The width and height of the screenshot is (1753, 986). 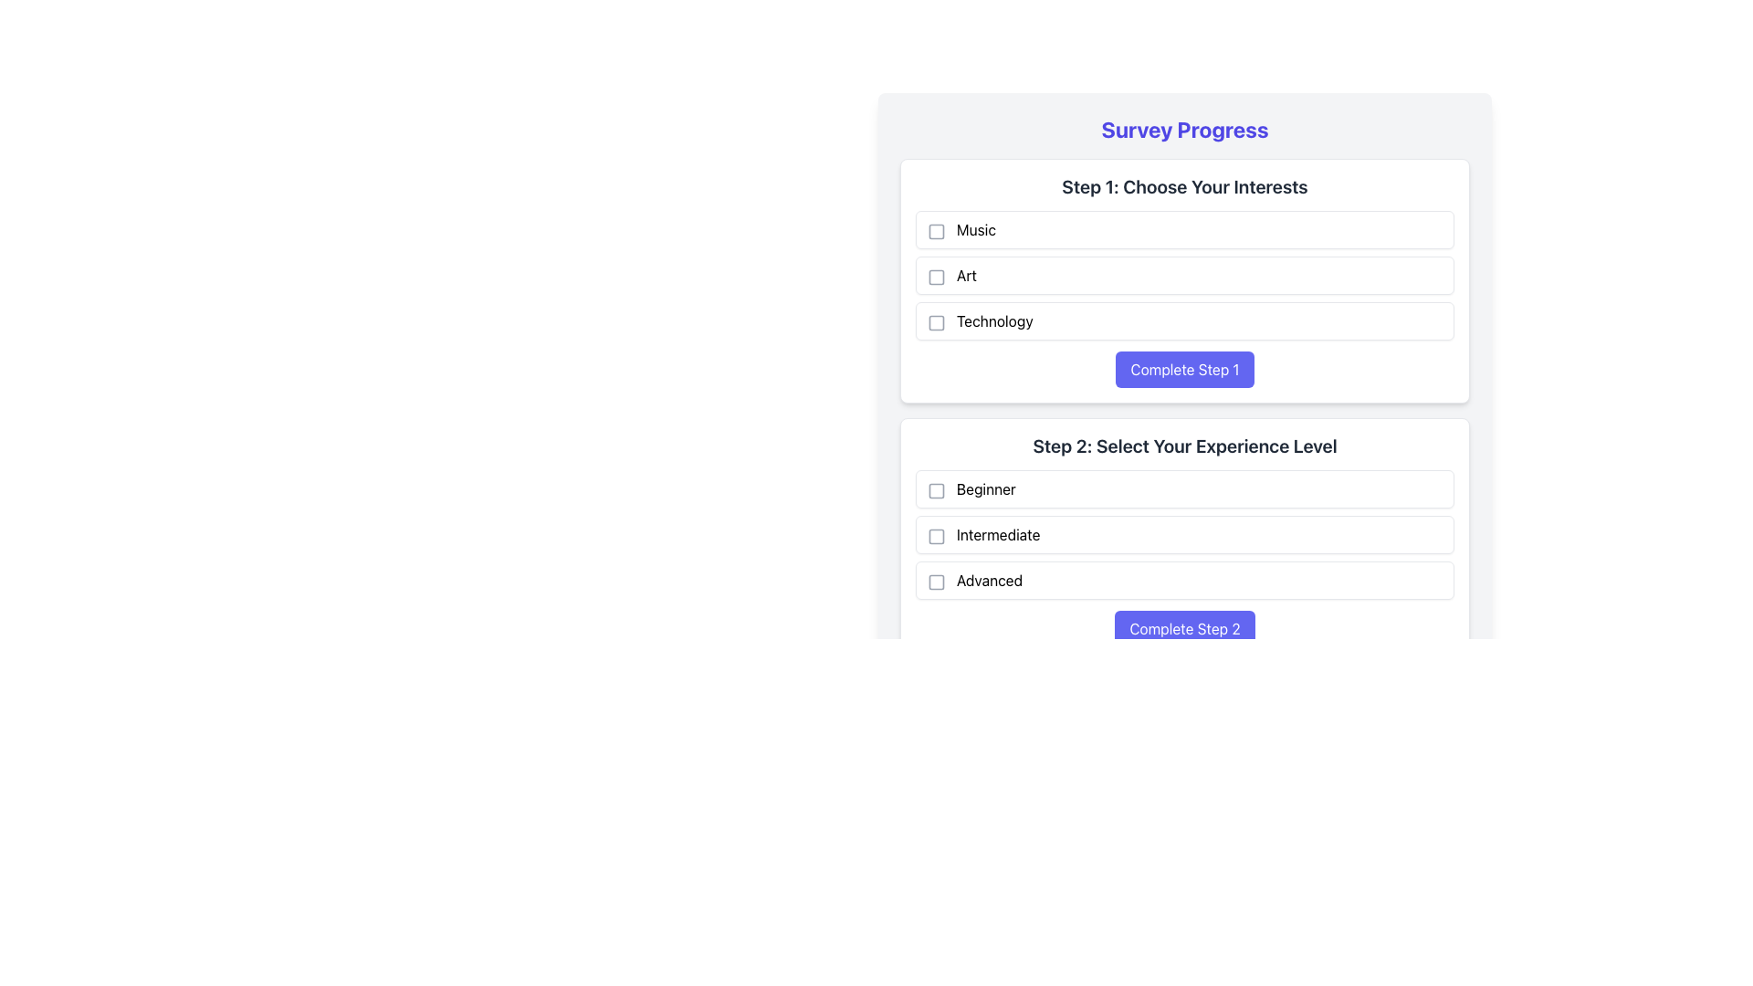 I want to click on the checkbox next to 'Art' in the Checkbox Group located within the 'Step 1: Choose Your Interests' section, so click(x=1184, y=275).